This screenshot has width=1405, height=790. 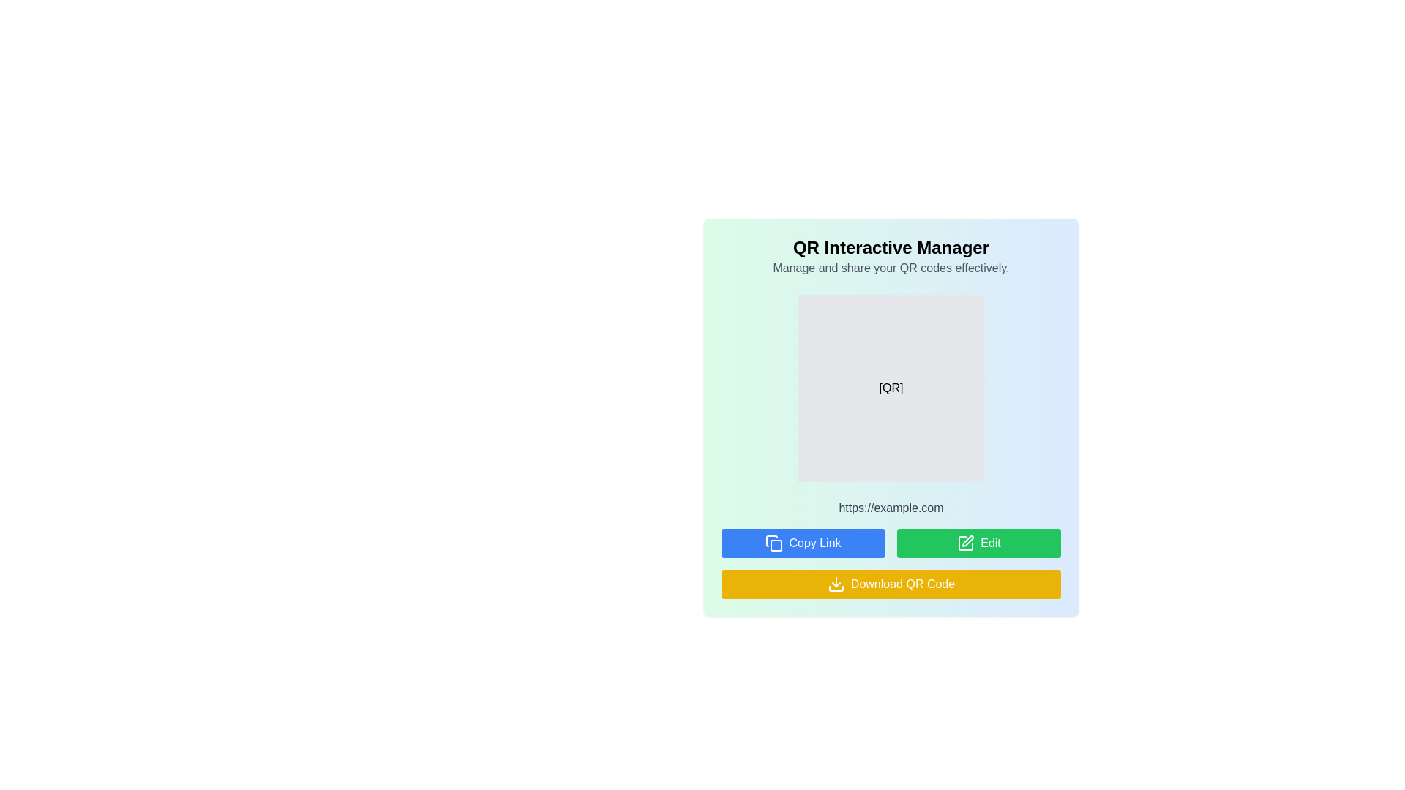 What do you see at coordinates (891, 388) in the screenshot?
I see `the text label that indicates the presence of a QR code, centrally positioned within a large light grey square below the title 'QR Interactive Manager'` at bounding box center [891, 388].